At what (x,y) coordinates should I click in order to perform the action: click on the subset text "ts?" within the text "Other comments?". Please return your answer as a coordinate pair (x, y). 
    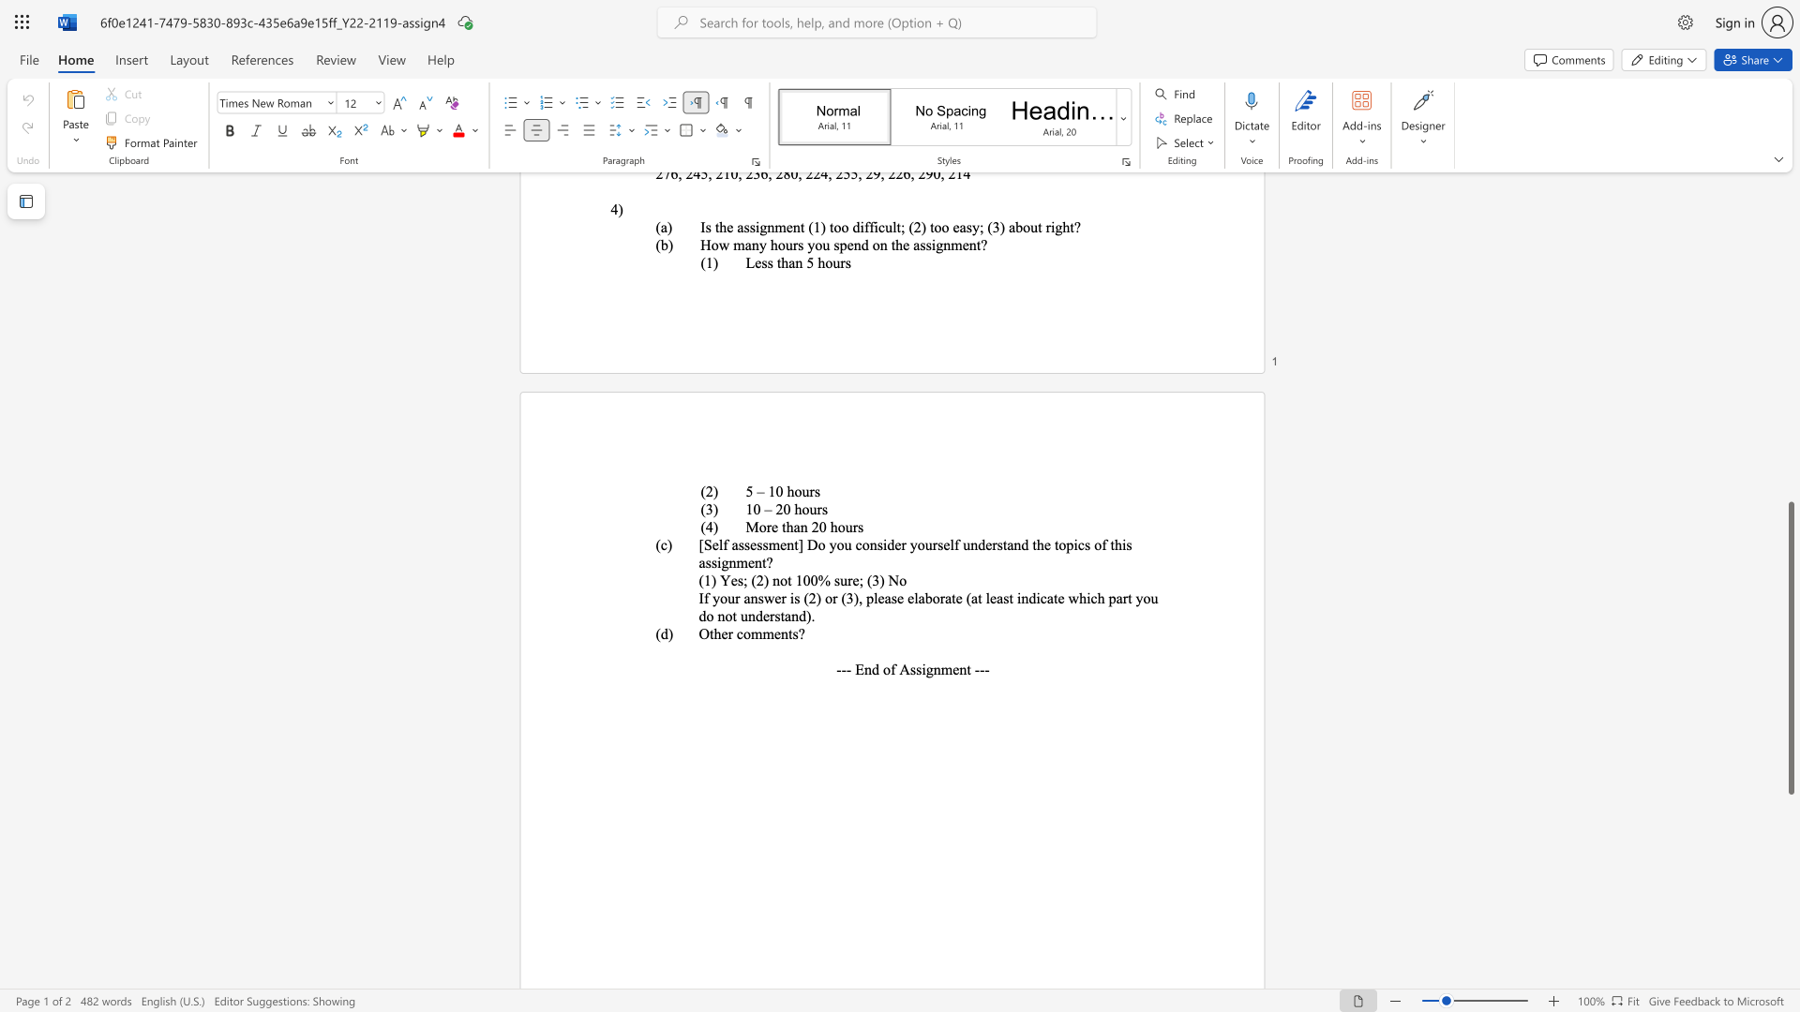
    Looking at the image, I should click on (787, 632).